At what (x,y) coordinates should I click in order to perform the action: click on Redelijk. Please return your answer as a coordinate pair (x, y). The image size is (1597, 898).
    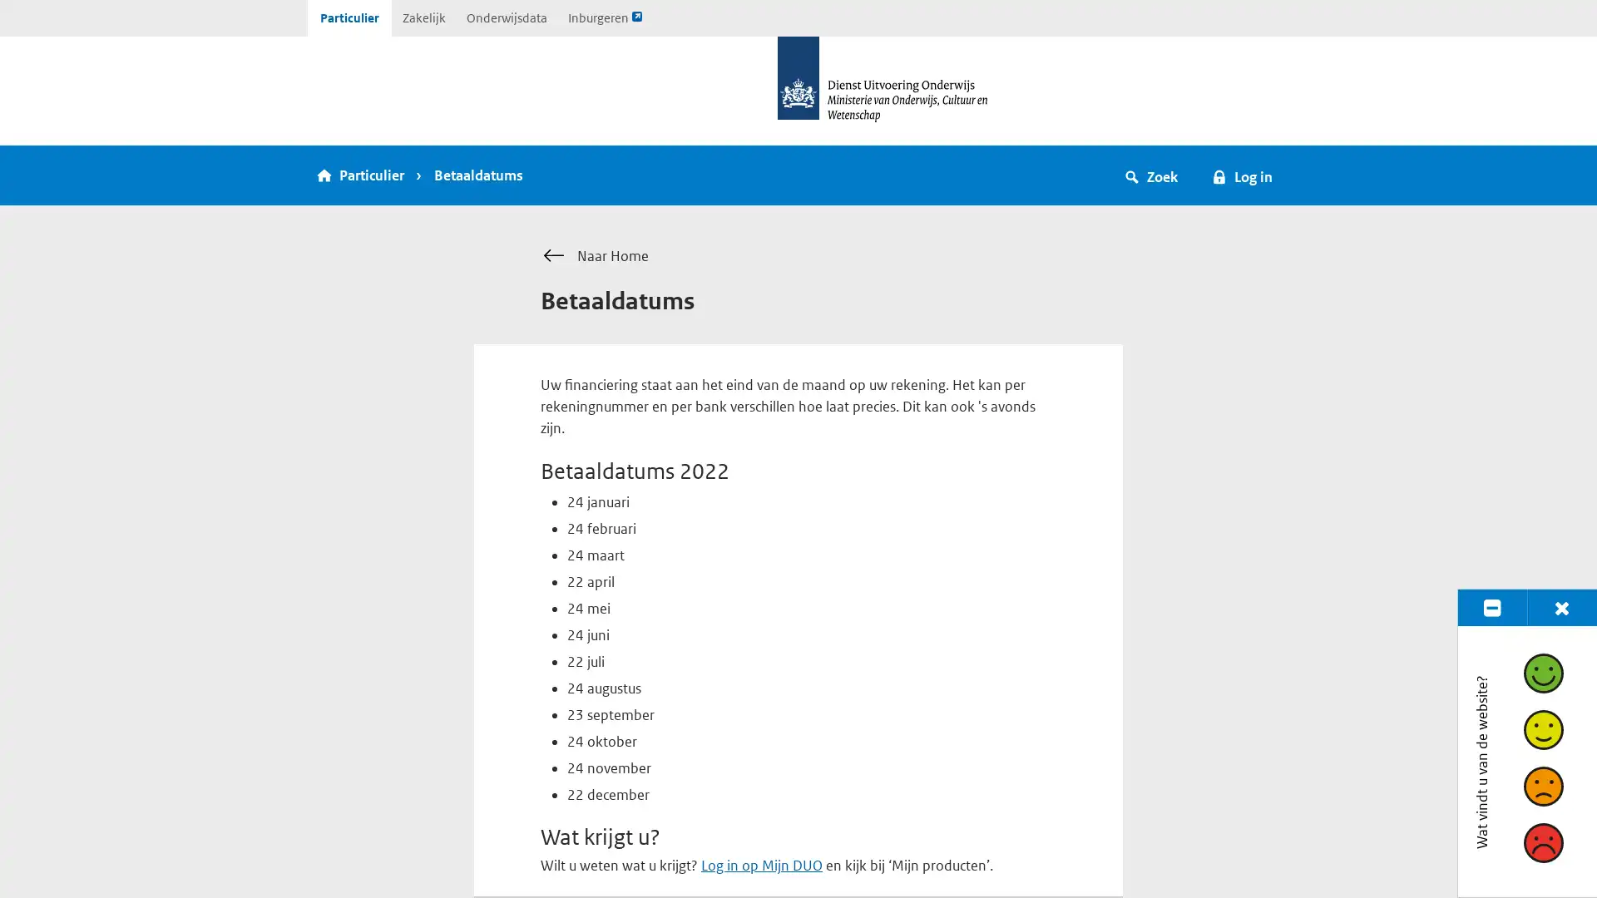
    Looking at the image, I should click on (1541, 728).